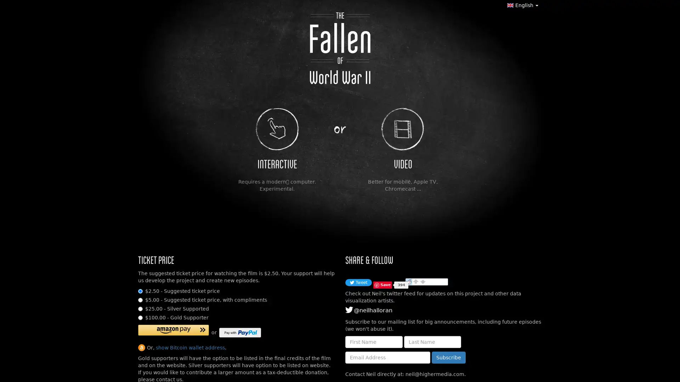 Image resolution: width=680 pixels, height=382 pixels. I want to click on PayPal - The safer, easier way to pay online!, so click(240, 332).